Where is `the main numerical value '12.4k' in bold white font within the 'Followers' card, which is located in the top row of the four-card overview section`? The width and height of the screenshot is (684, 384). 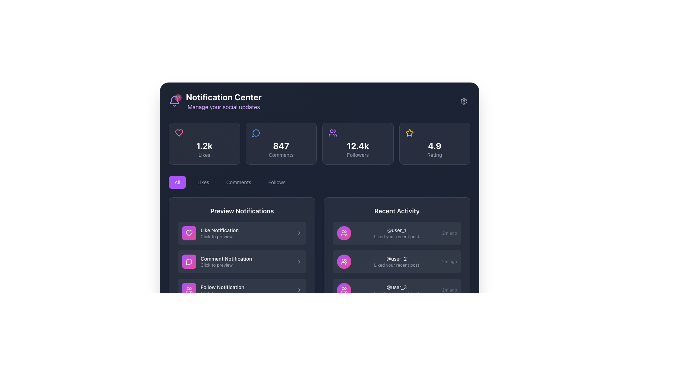 the main numerical value '12.4k' in bold white font within the 'Followers' card, which is located in the top row of the four-card overview section is located at coordinates (358, 145).